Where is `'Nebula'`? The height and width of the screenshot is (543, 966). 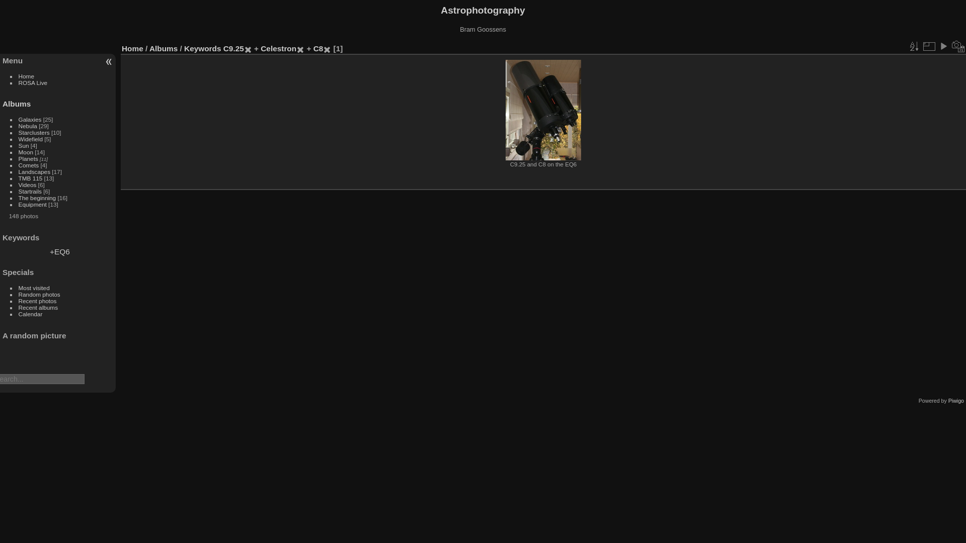
'Nebula' is located at coordinates (19, 125).